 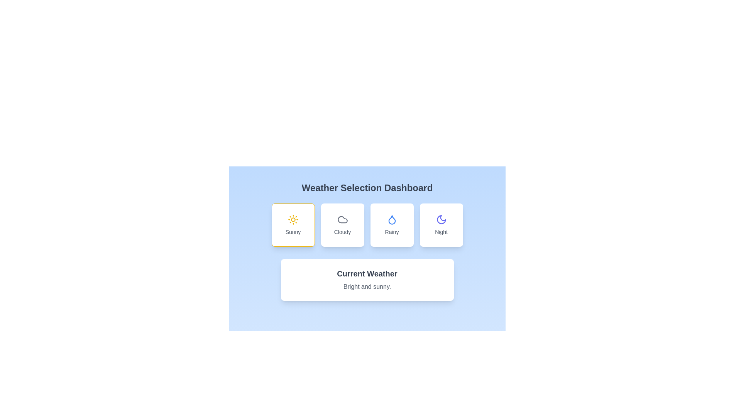 I want to click on the 'Cloudy' weather icon, which is visually represented in a square card with a white background and gray text, located centrally within the second option from the left among four weather options, so click(x=342, y=220).